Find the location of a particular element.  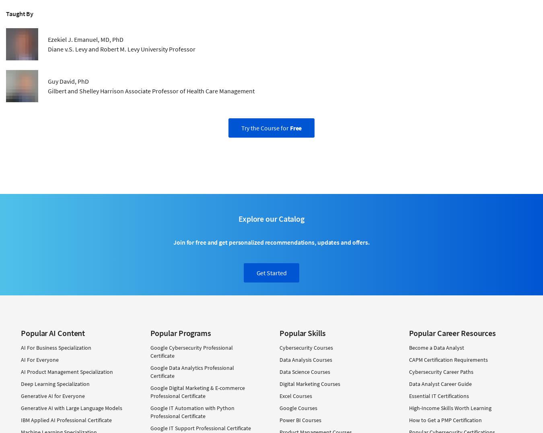

'Generative AI for Everyone' is located at coordinates (53, 396).